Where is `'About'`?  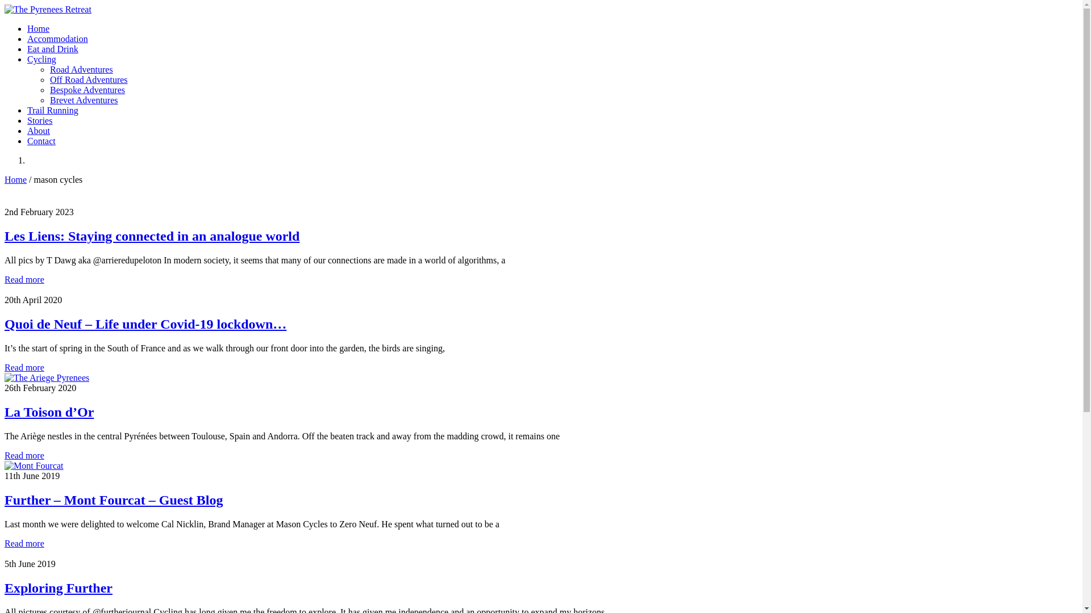
'About' is located at coordinates (38, 130).